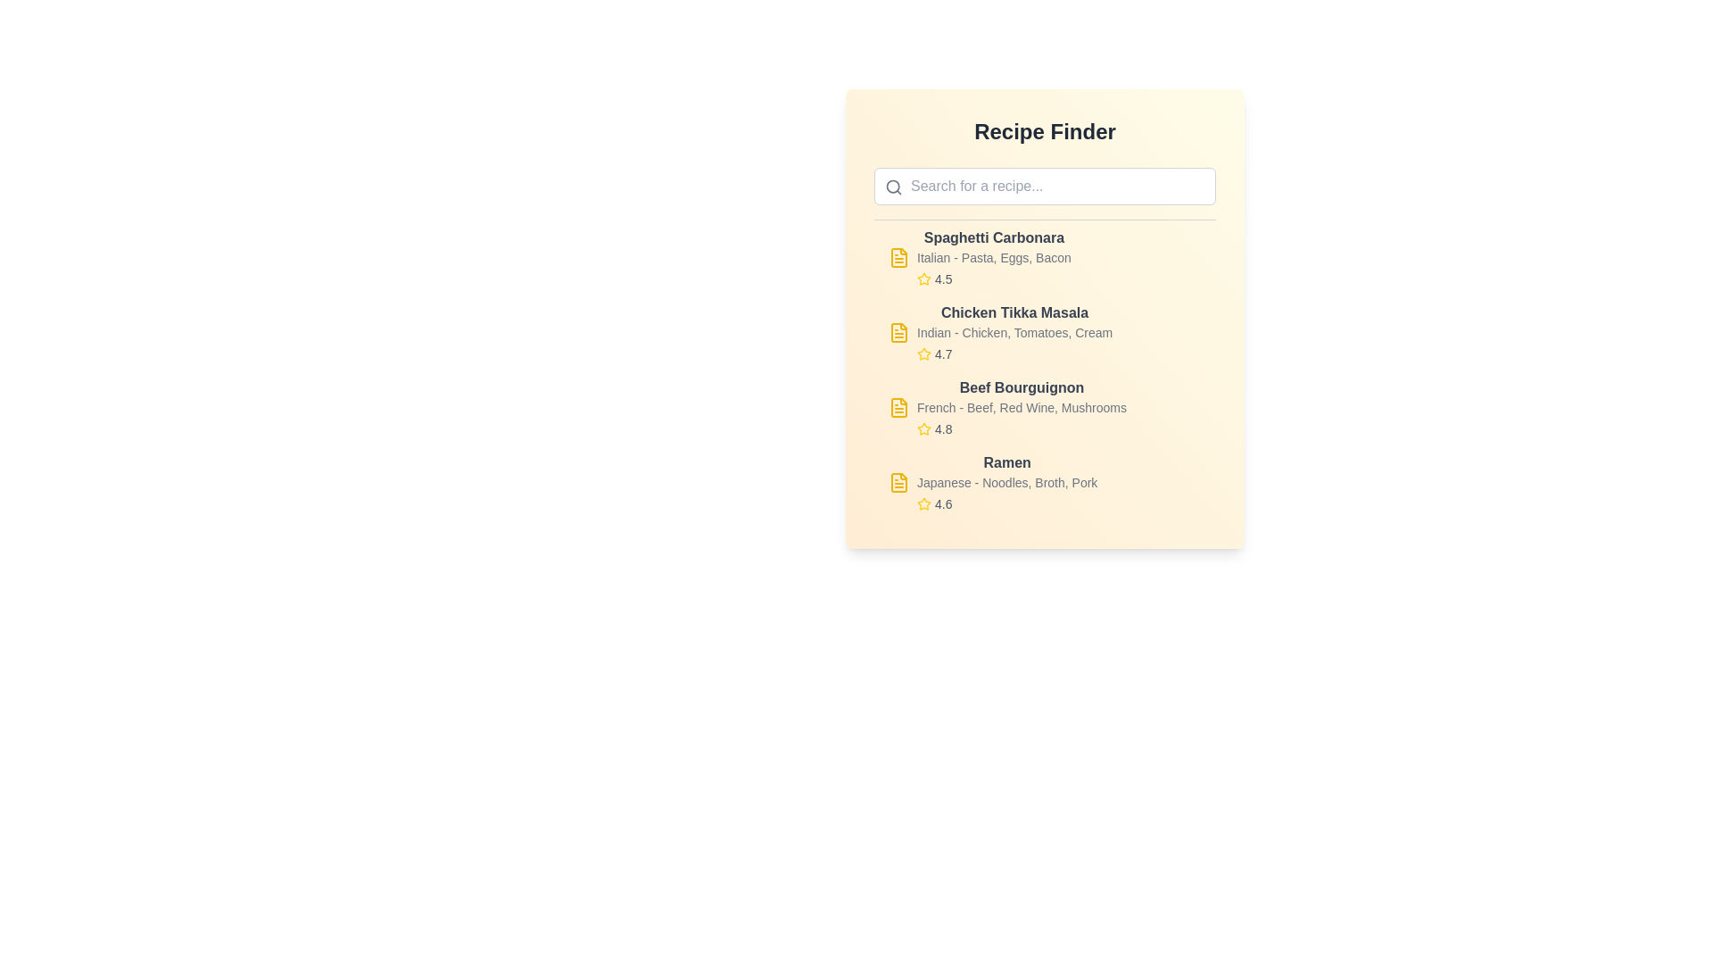 The height and width of the screenshot is (964, 1713). Describe the element at coordinates (1014, 333) in the screenshot. I see `the static text element that describes the dish, which contains the words 'Indian - Chicken, Tomatoes, Cream', styled in light gray and positioned beneath the title 'Chicken Tikka Masala'` at that location.